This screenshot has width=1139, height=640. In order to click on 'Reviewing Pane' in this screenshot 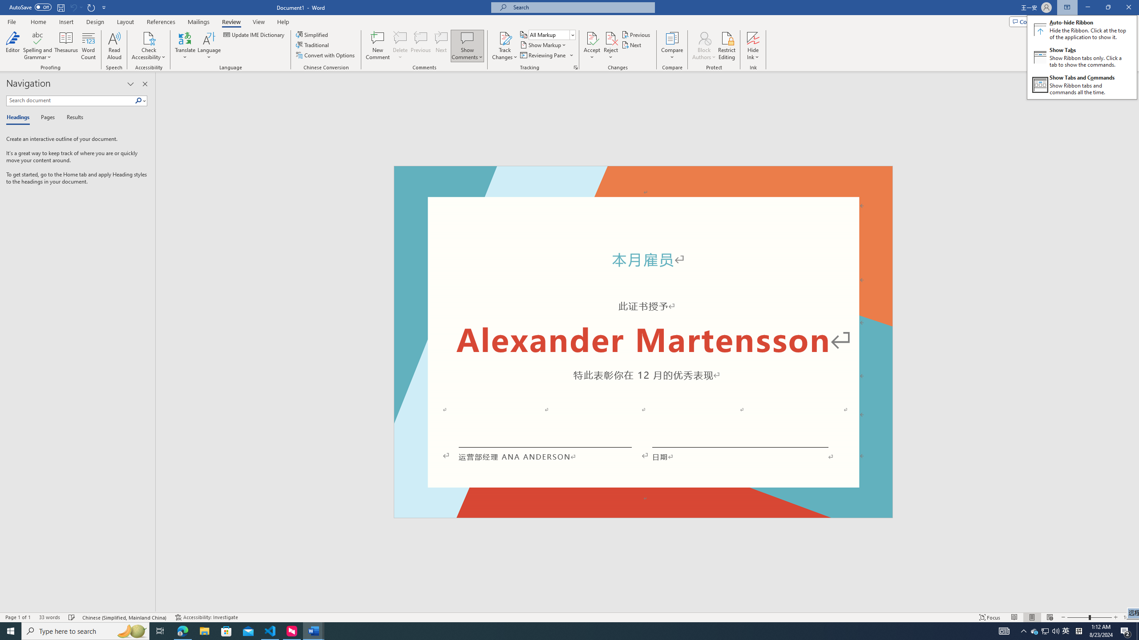, I will do `click(546, 54)`.